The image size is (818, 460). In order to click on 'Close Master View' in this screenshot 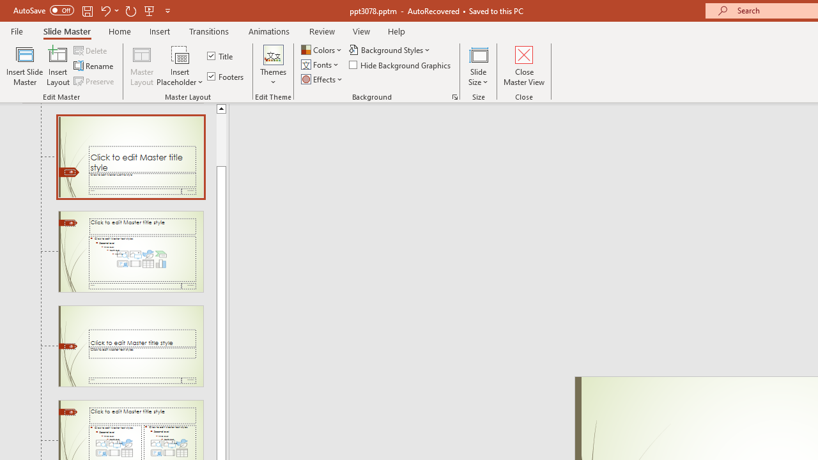, I will do `click(524, 66)`.